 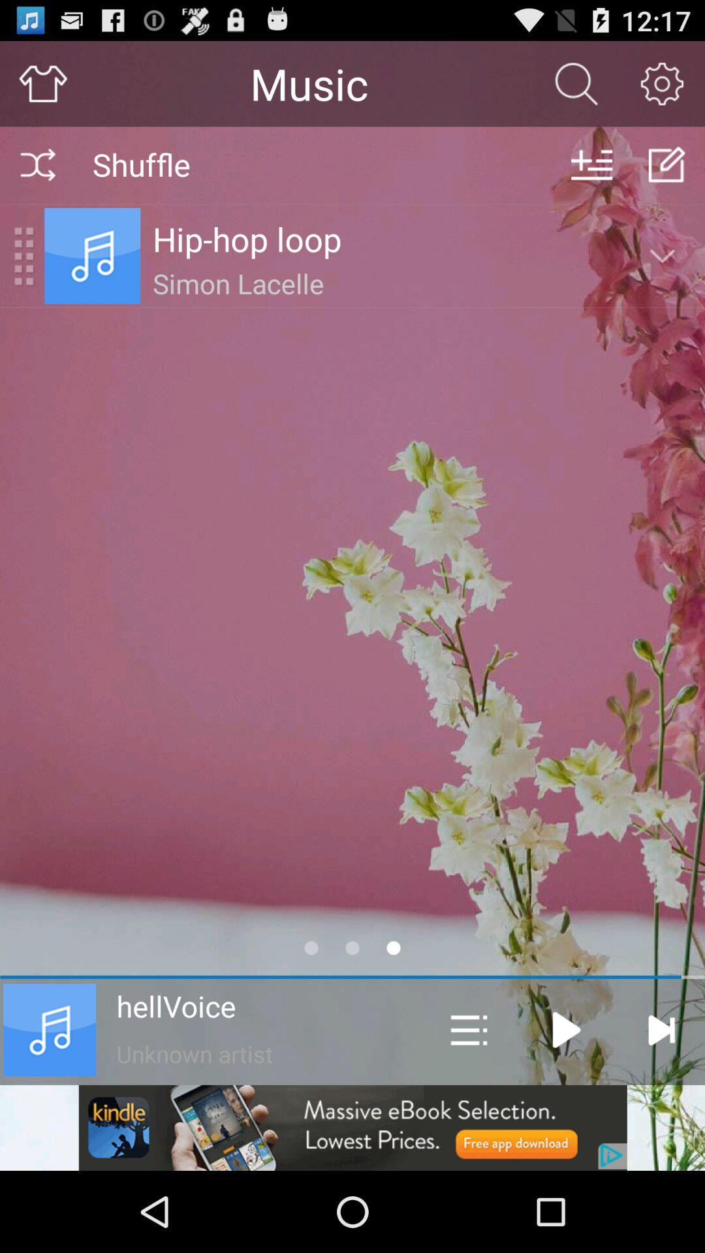 What do you see at coordinates (662, 83) in the screenshot?
I see `the icon next to search` at bounding box center [662, 83].